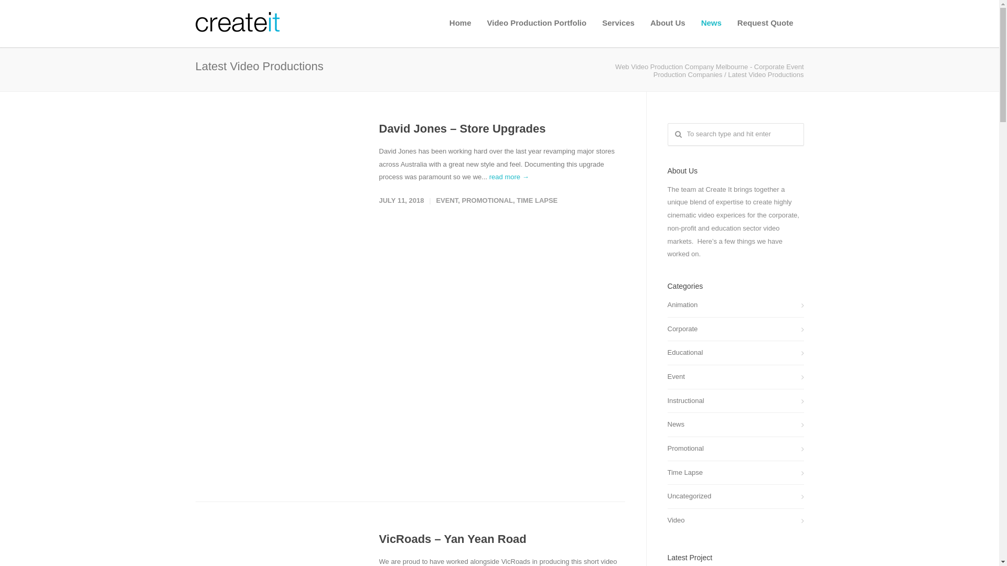 Image resolution: width=1007 pixels, height=566 pixels. I want to click on 'News', so click(693, 23).